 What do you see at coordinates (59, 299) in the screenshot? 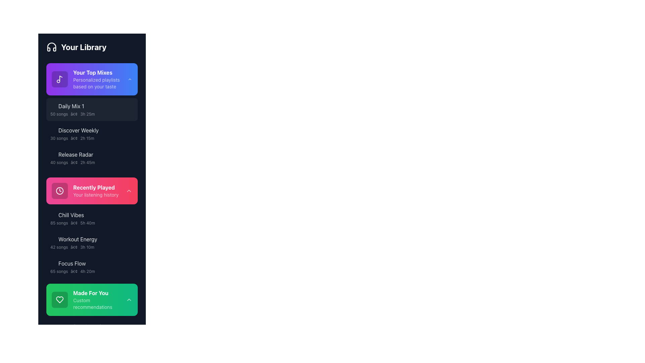
I see `the heart icon styled in an outlined design, which is located in the lower green section labeled 'Made For You' on the left side menu` at bounding box center [59, 299].